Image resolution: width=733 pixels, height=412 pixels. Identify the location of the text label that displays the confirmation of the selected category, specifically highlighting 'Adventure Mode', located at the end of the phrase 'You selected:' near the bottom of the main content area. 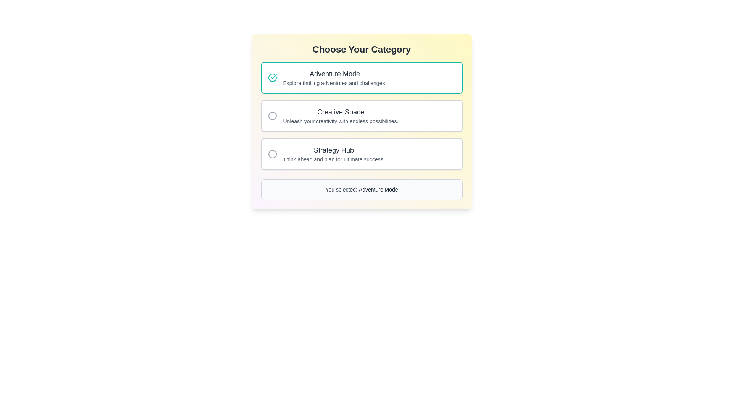
(378, 189).